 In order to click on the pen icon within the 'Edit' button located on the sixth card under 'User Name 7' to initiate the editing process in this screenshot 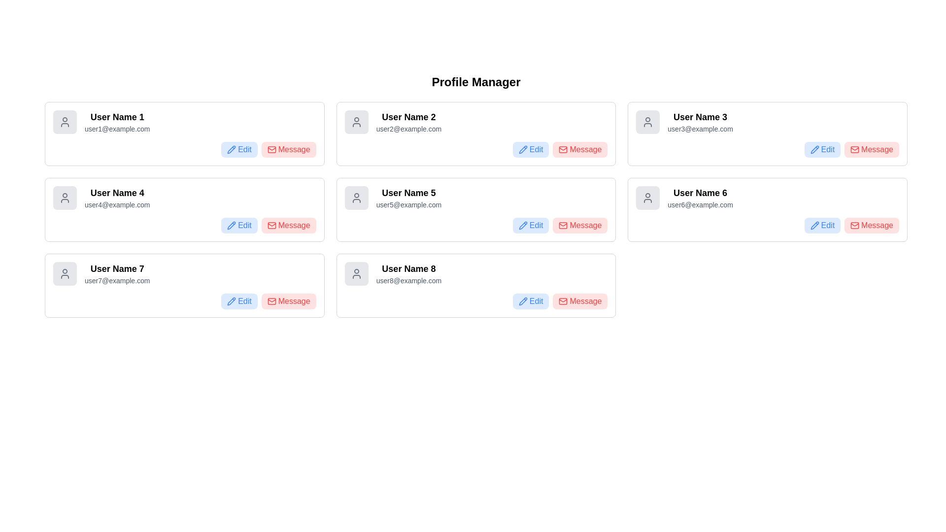, I will do `click(231, 301)`.